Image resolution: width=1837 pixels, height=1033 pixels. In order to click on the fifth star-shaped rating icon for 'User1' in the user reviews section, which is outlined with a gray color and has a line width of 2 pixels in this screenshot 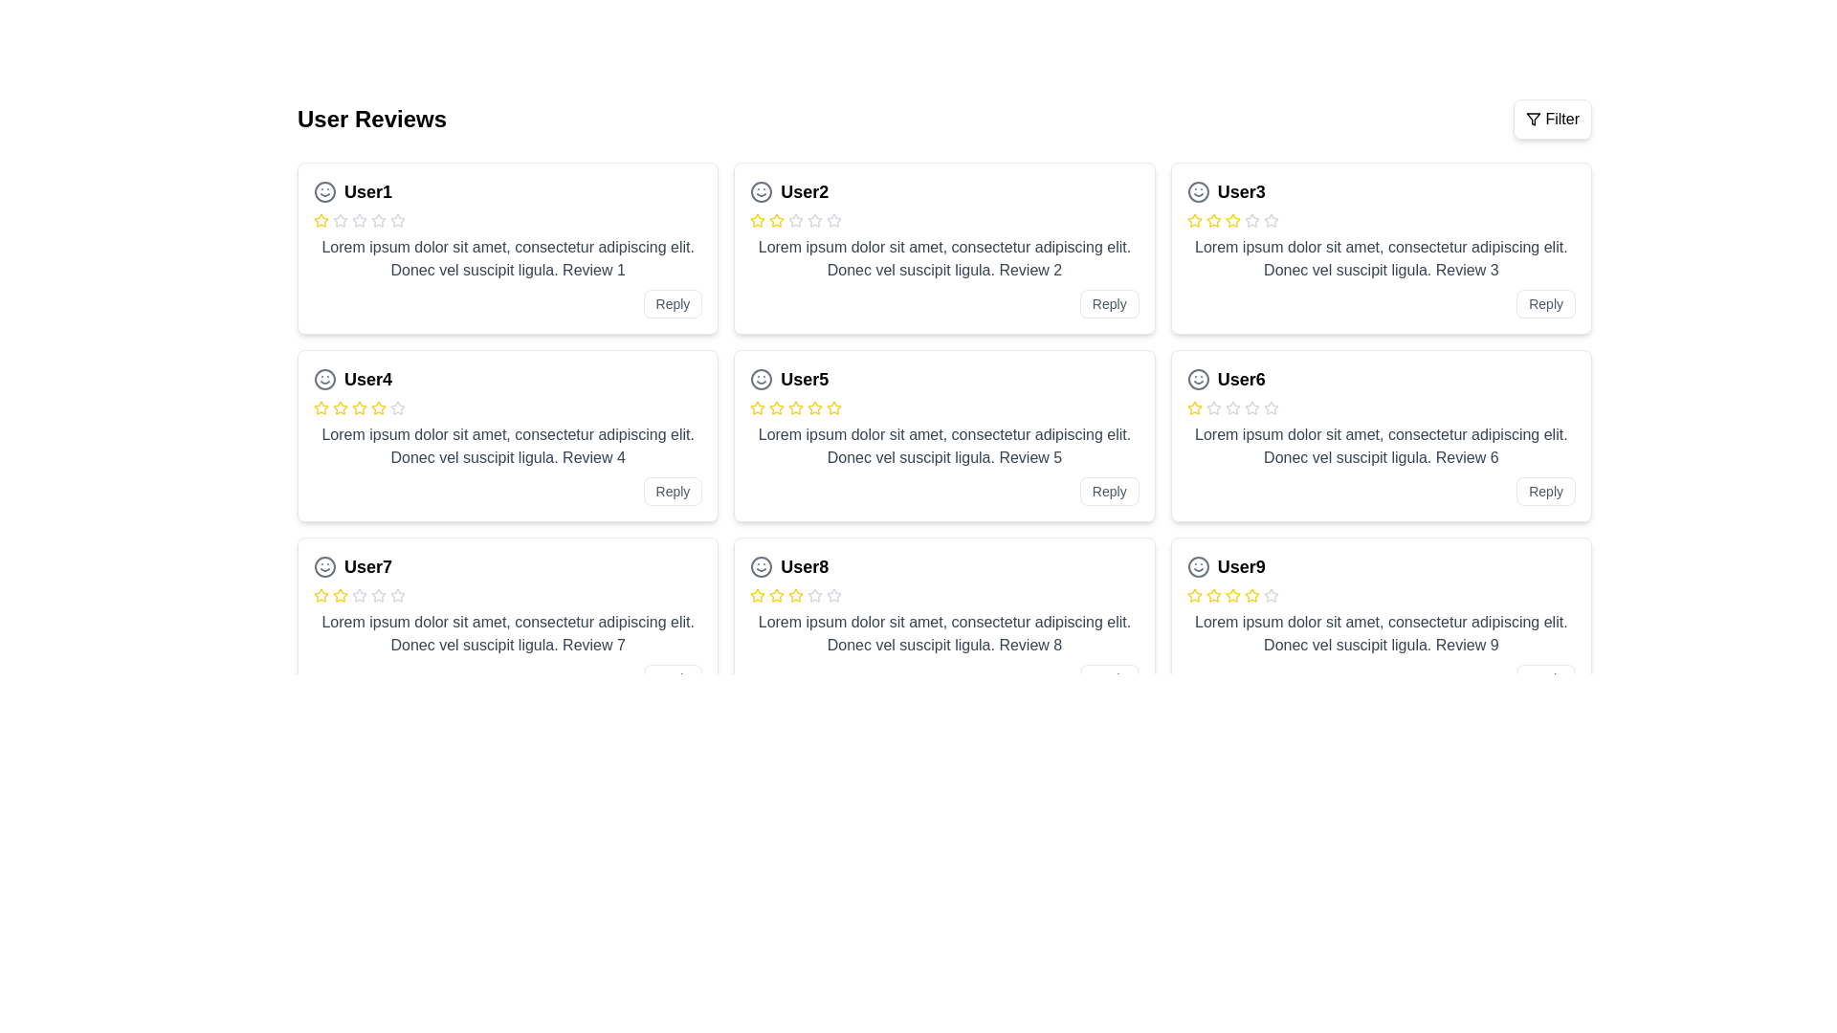, I will do `click(378, 220)`.